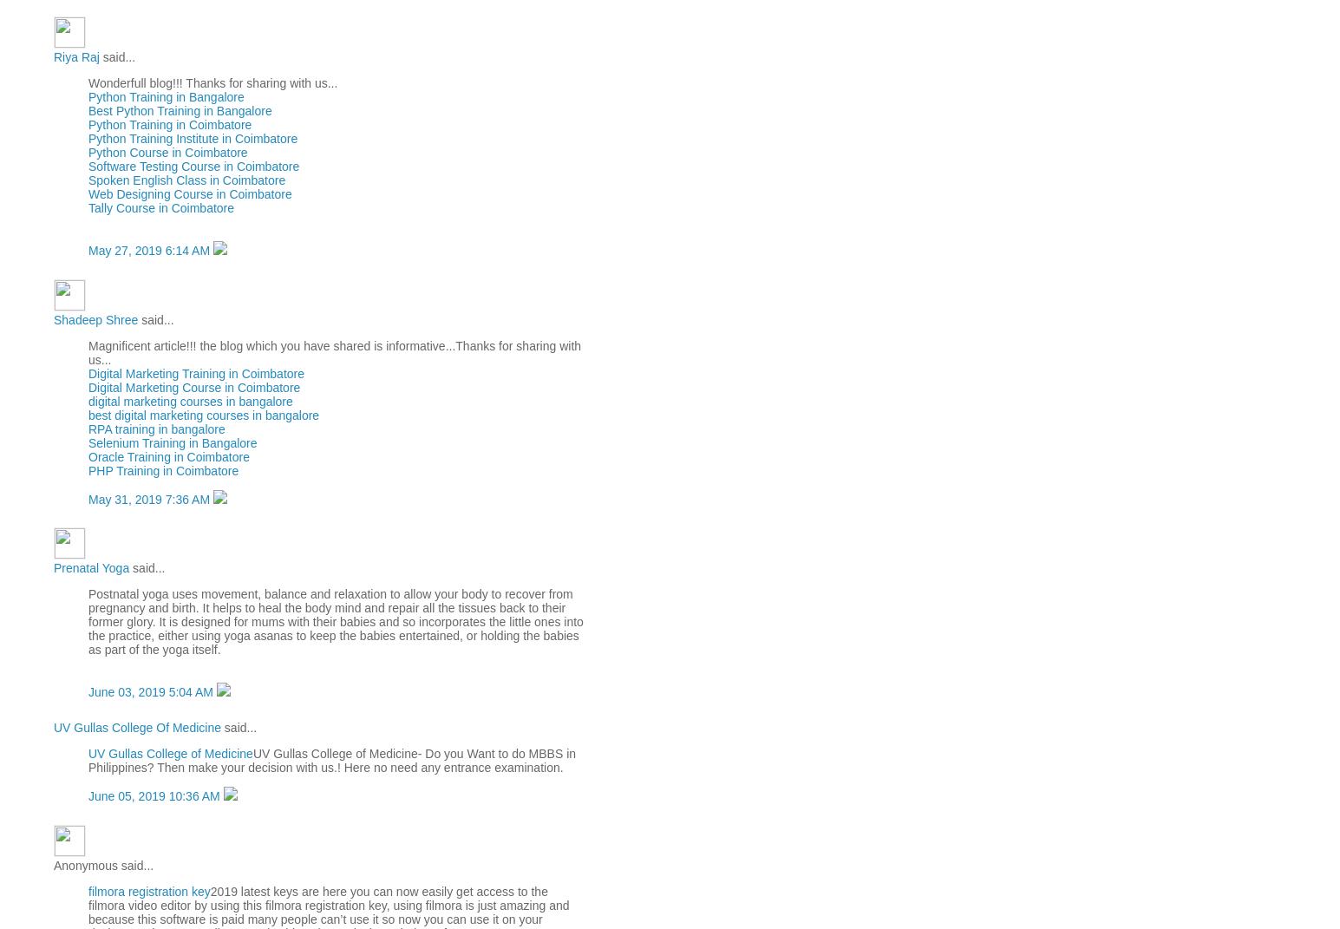 This screenshot has height=929, width=1340. Describe the element at coordinates (150, 249) in the screenshot. I see `'May 27, 2019 6:14 AM'` at that location.